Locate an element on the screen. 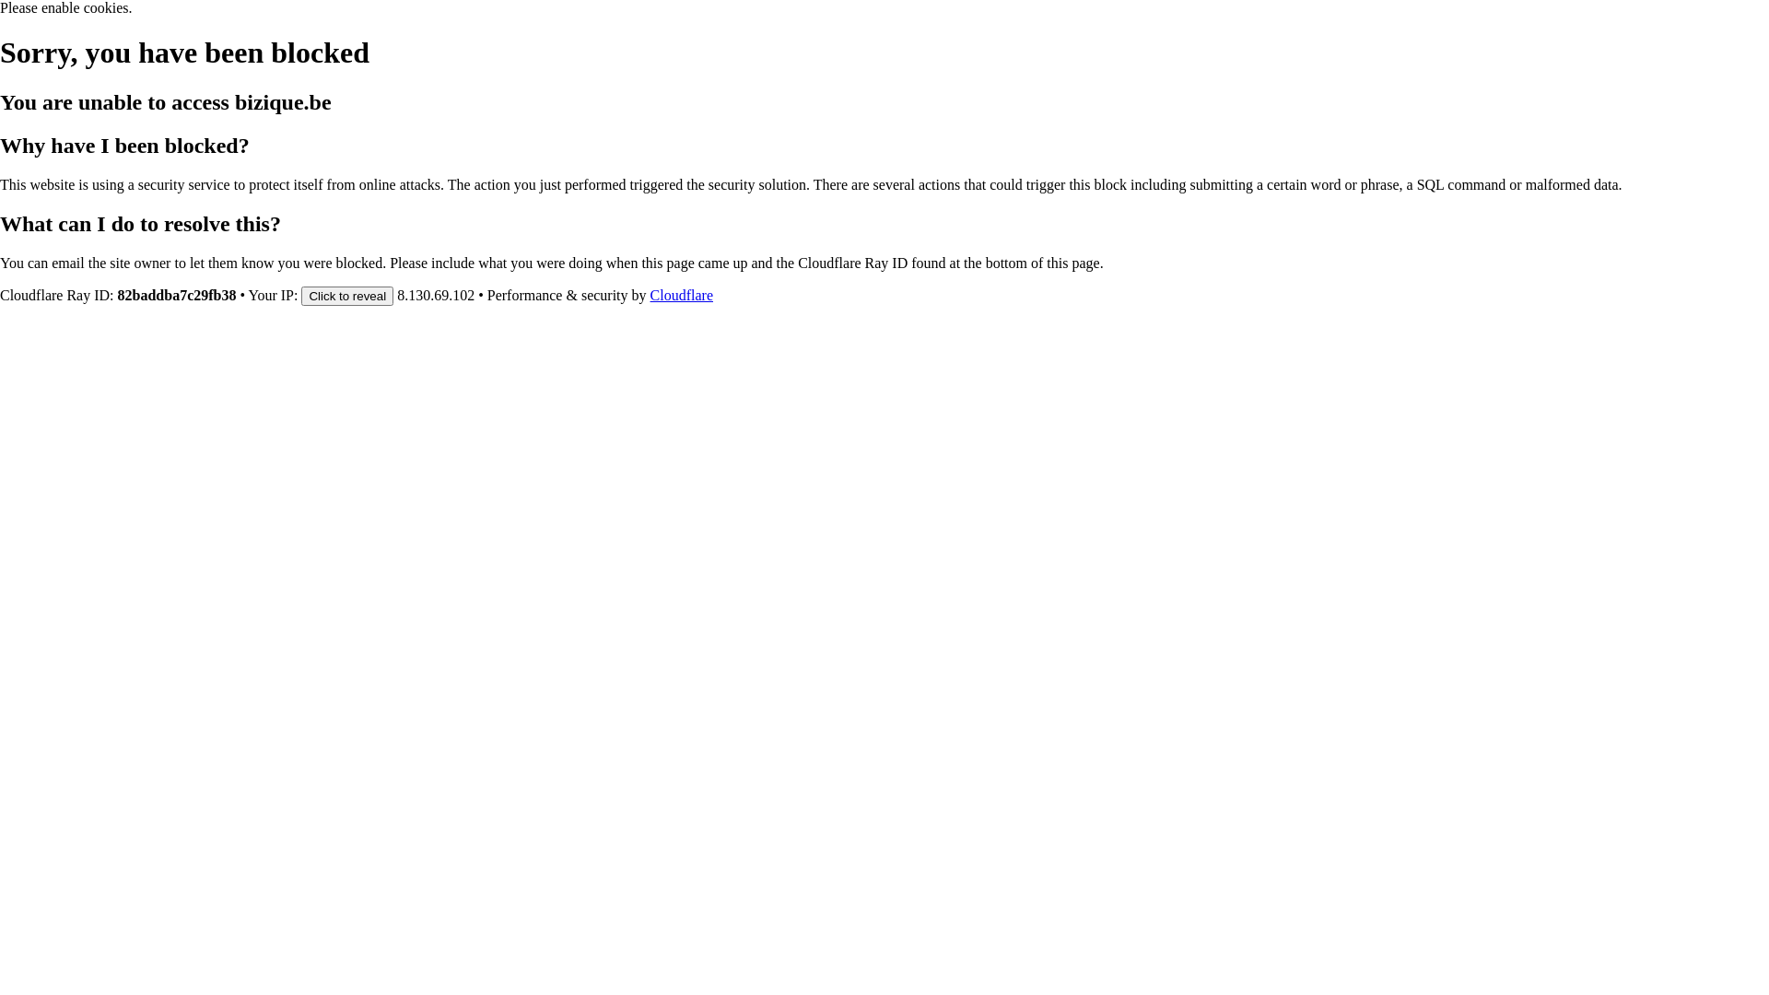 The height and width of the screenshot is (995, 1769). 'Cloudflare' is located at coordinates (680, 294).